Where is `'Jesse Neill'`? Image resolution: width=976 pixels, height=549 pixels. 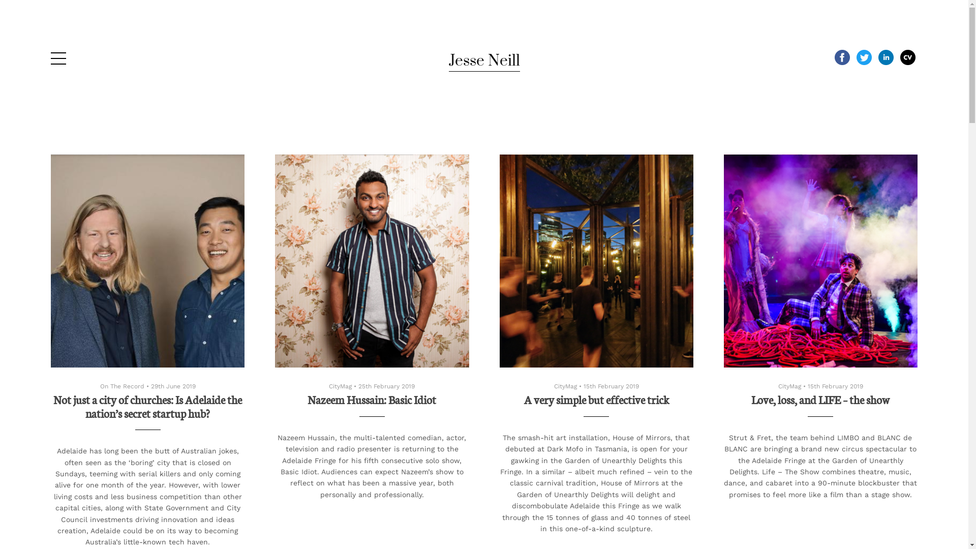 'Jesse Neill' is located at coordinates (483, 60).